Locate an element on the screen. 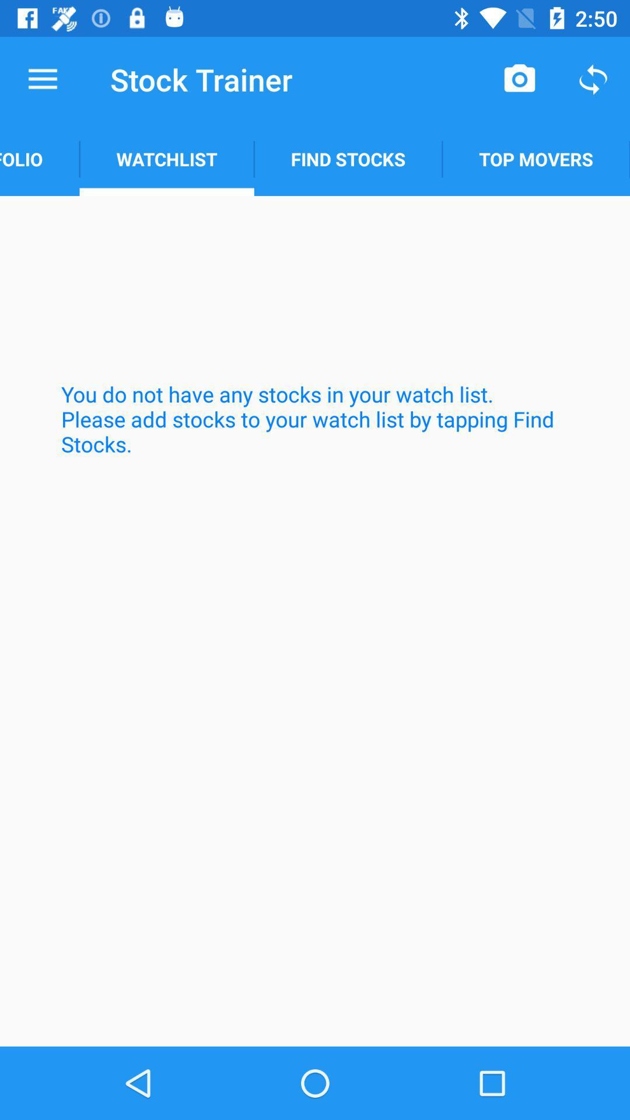  item to the left of stock trainer is located at coordinates (42, 79).